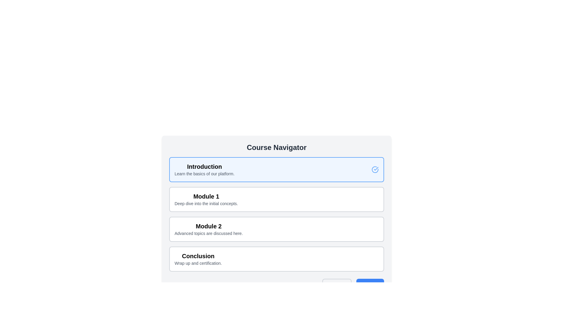 The height and width of the screenshot is (322, 573). I want to click on the Previous button to navigate, so click(337, 285).